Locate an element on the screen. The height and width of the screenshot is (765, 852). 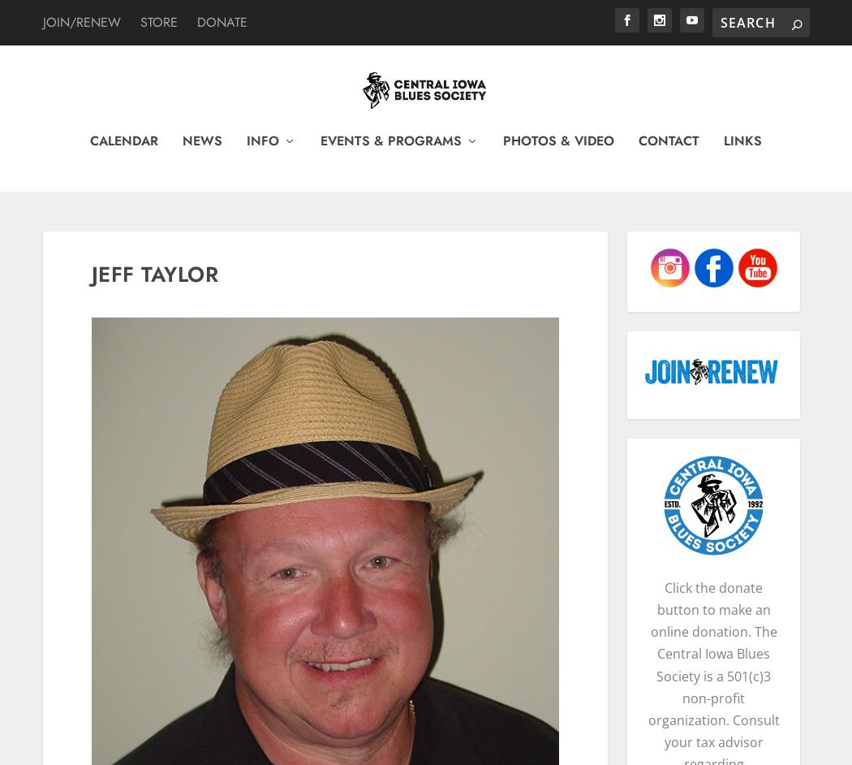
'SpringFest' is located at coordinates (361, 447).